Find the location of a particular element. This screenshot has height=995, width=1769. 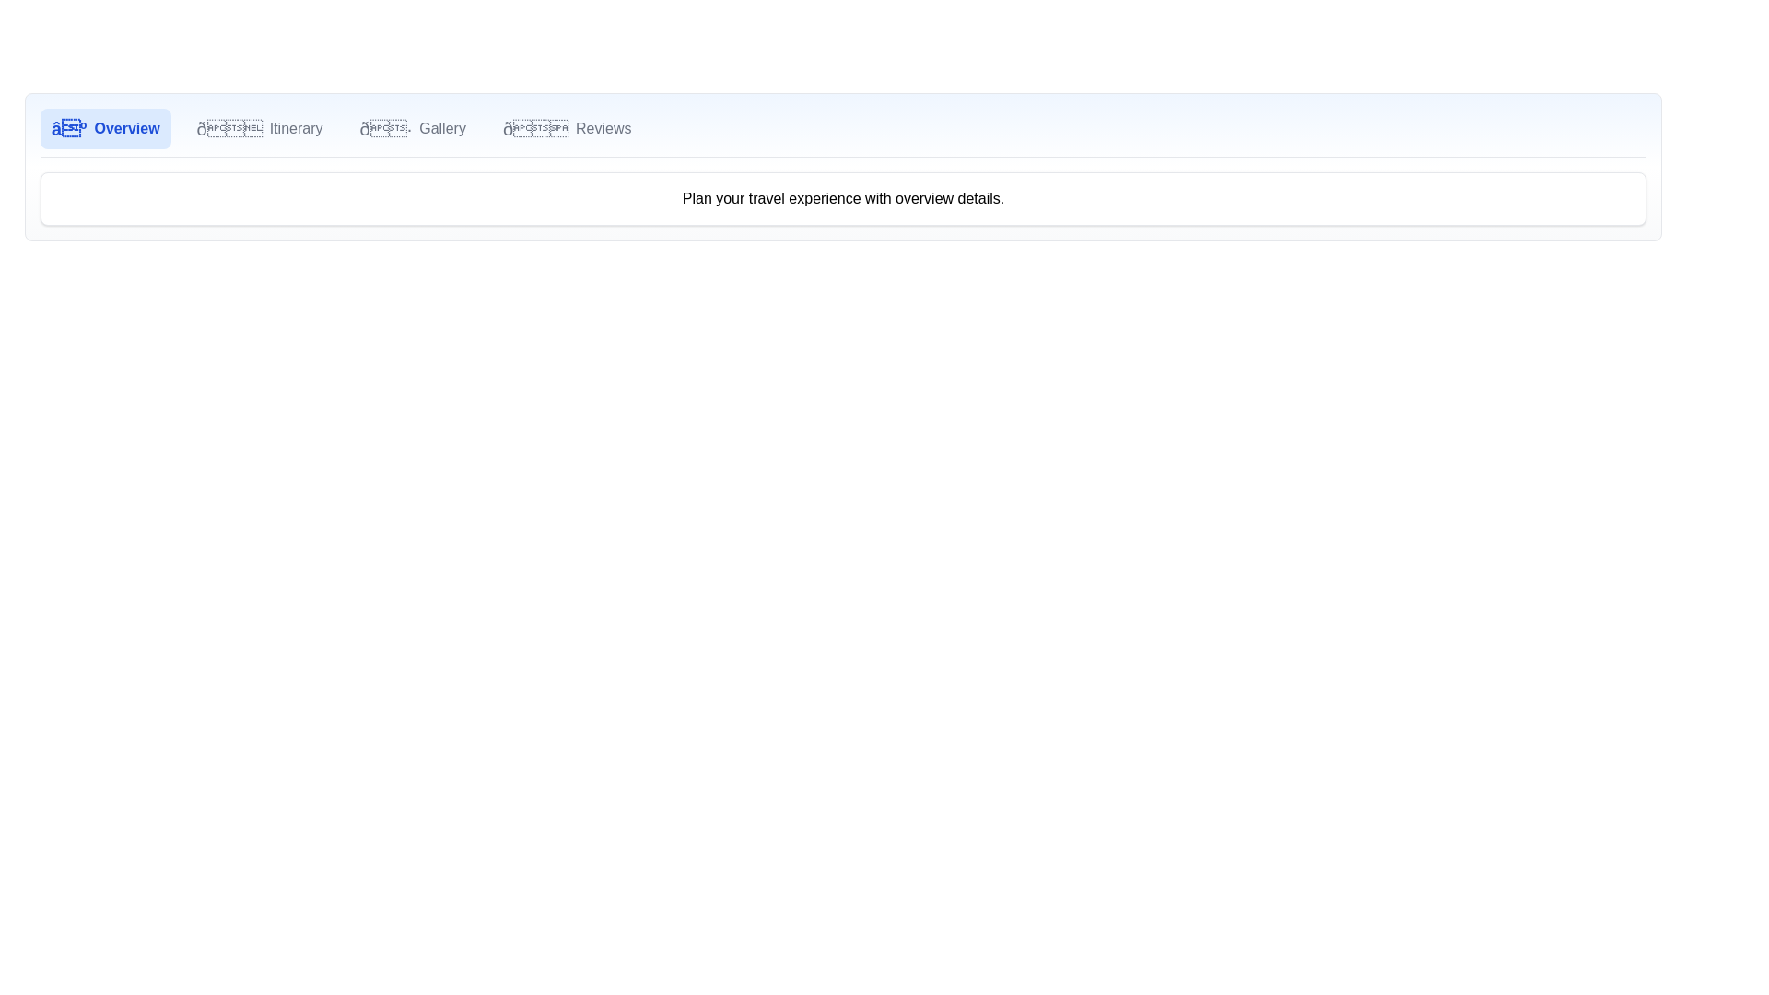

the Overview tab by clicking its corresponding button is located at coordinates (104, 127).